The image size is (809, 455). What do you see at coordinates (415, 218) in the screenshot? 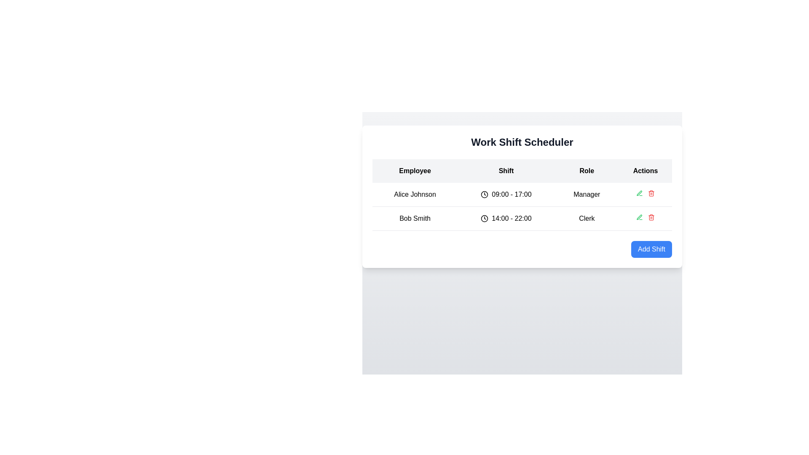
I see `the static text label displaying 'Bob Smith', located in the first column of the second row under the 'Employee' column in the employee schedule table` at bounding box center [415, 218].